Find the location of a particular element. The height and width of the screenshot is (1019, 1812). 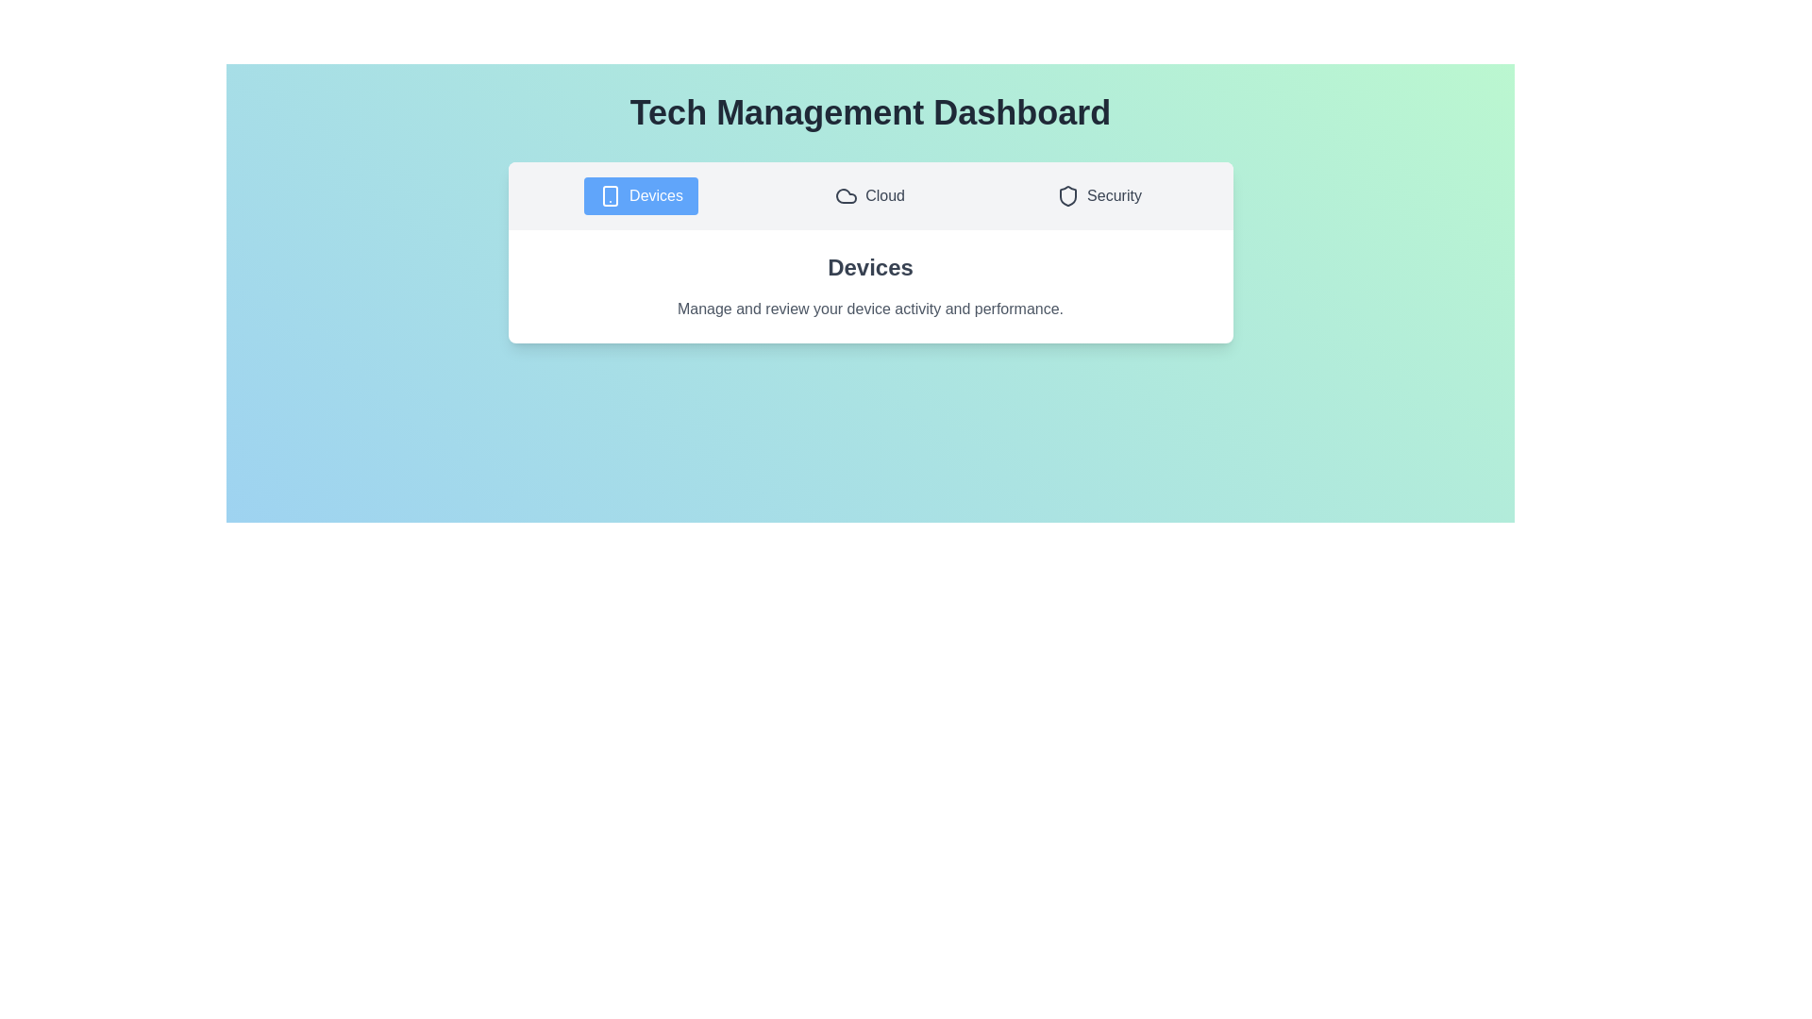

the Devices tab by clicking on it is located at coordinates (641, 196).